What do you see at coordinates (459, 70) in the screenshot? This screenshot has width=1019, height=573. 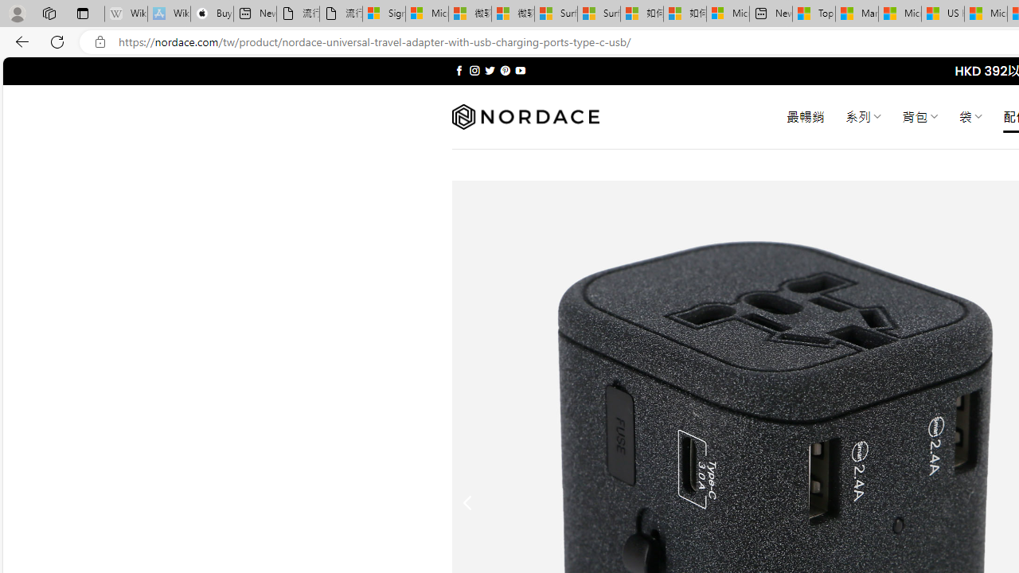 I see `'Follow on Facebook'` at bounding box center [459, 70].